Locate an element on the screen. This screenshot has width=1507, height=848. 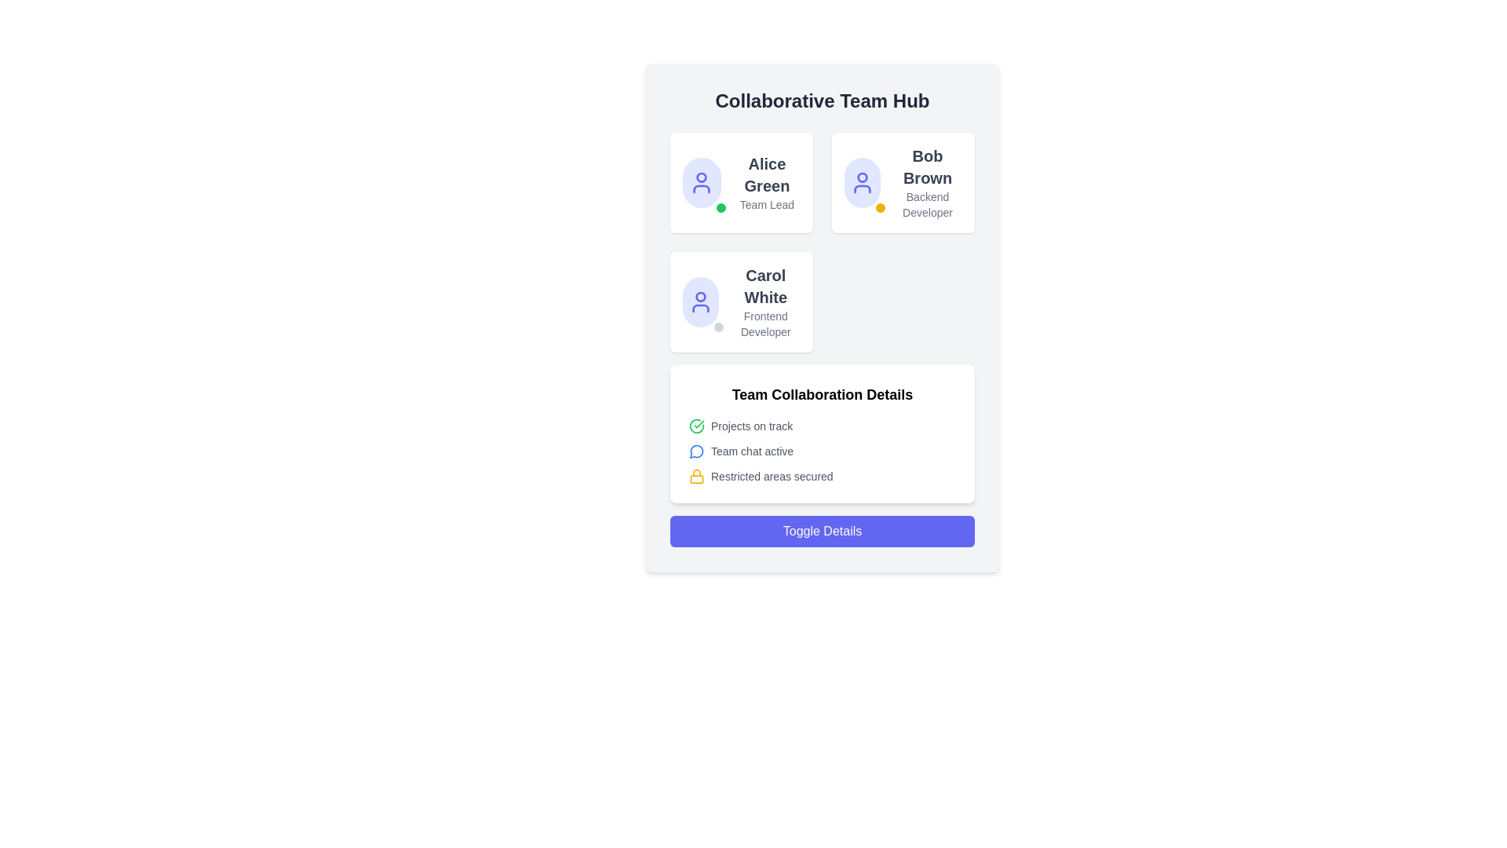
the Text label displaying 'Alice Green', which identifies the team member in the top-left corner of the team member card is located at coordinates (767, 175).